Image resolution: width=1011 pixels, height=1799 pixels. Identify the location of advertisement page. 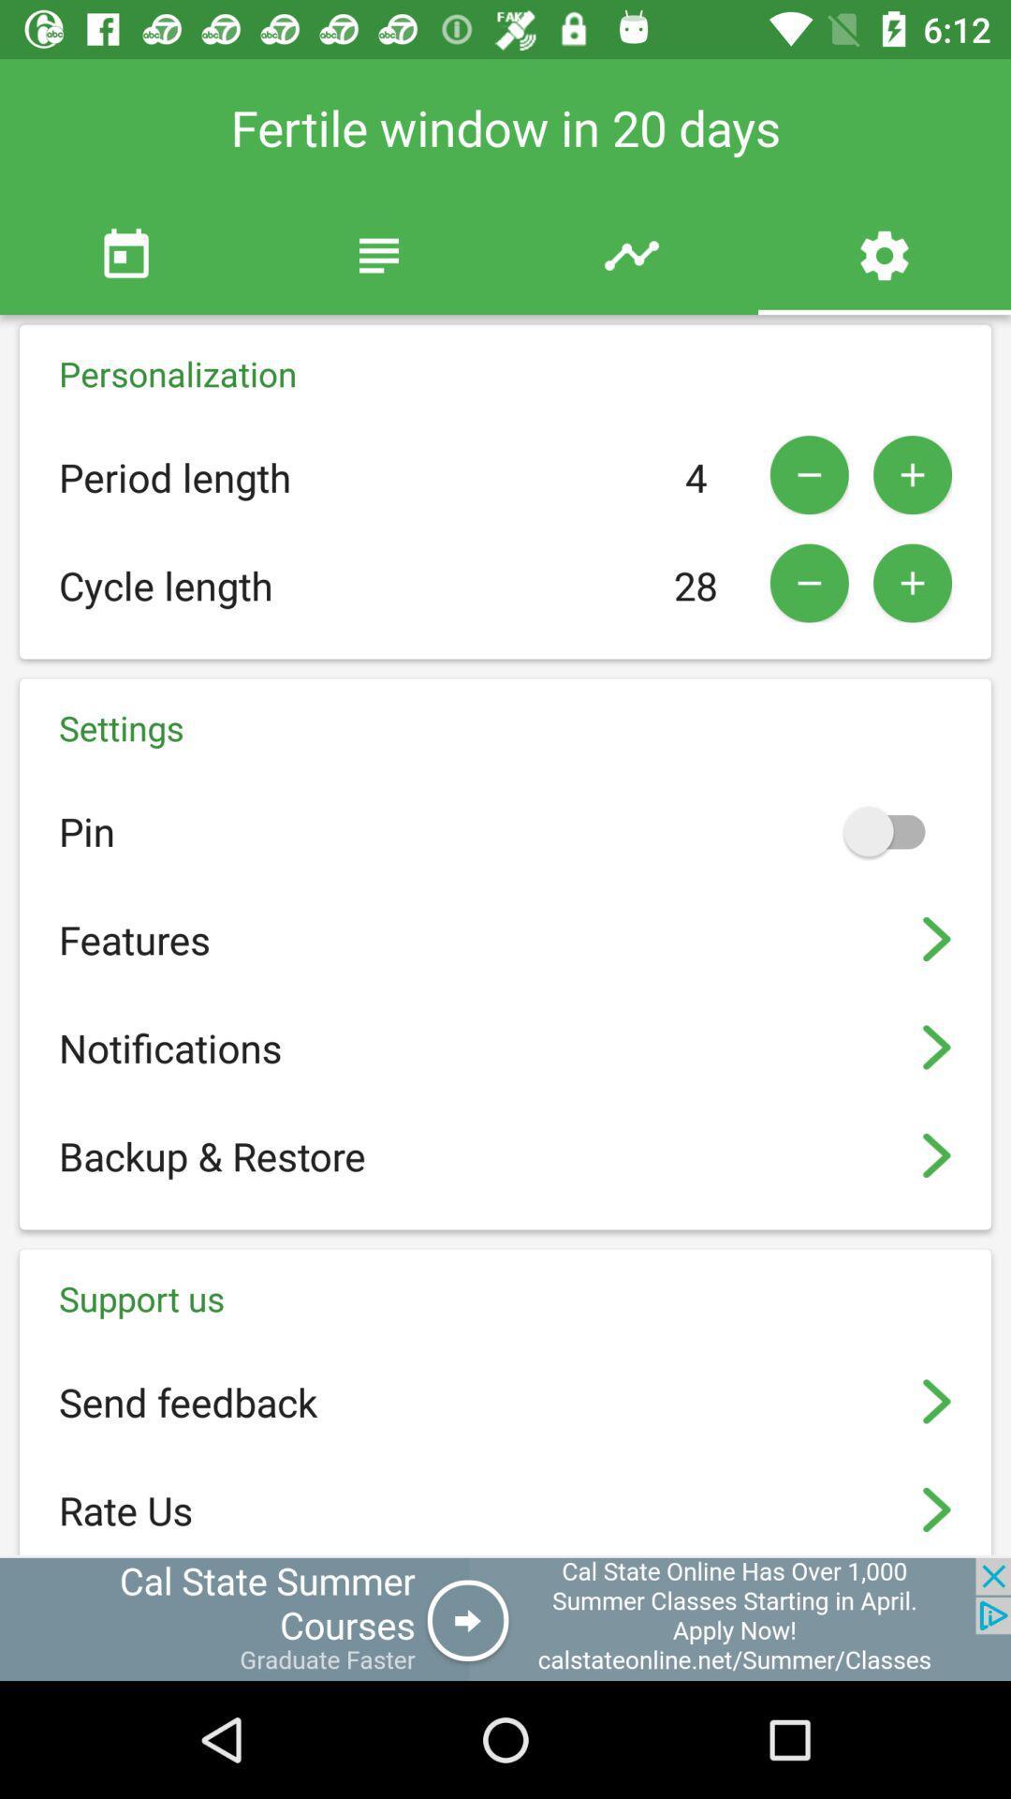
(505, 1618).